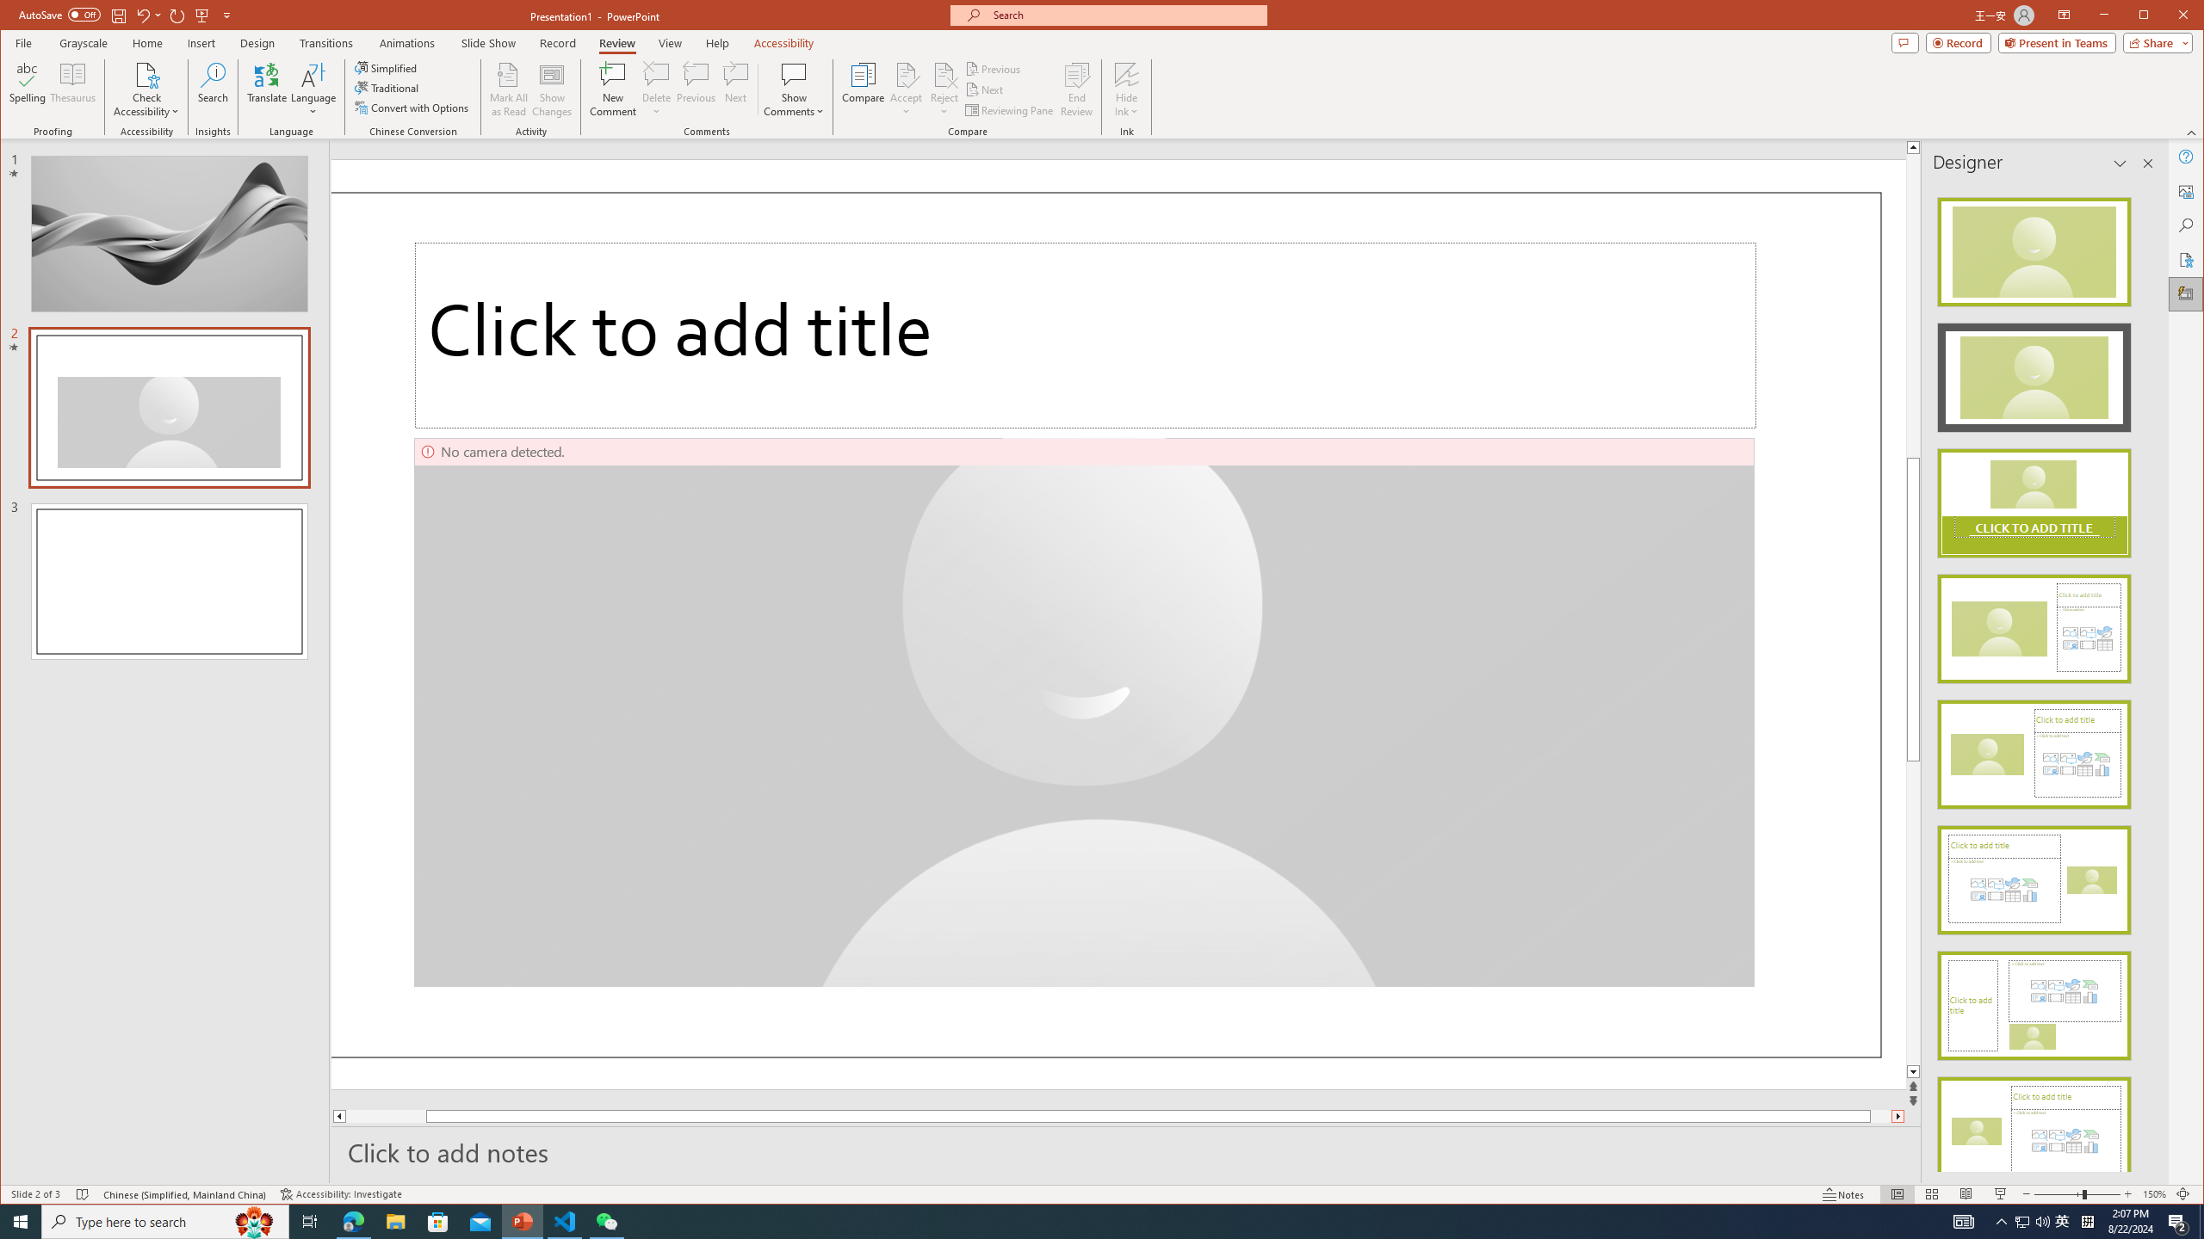 This screenshot has width=2204, height=1239. Describe the element at coordinates (656, 89) in the screenshot. I see `'Delete'` at that location.